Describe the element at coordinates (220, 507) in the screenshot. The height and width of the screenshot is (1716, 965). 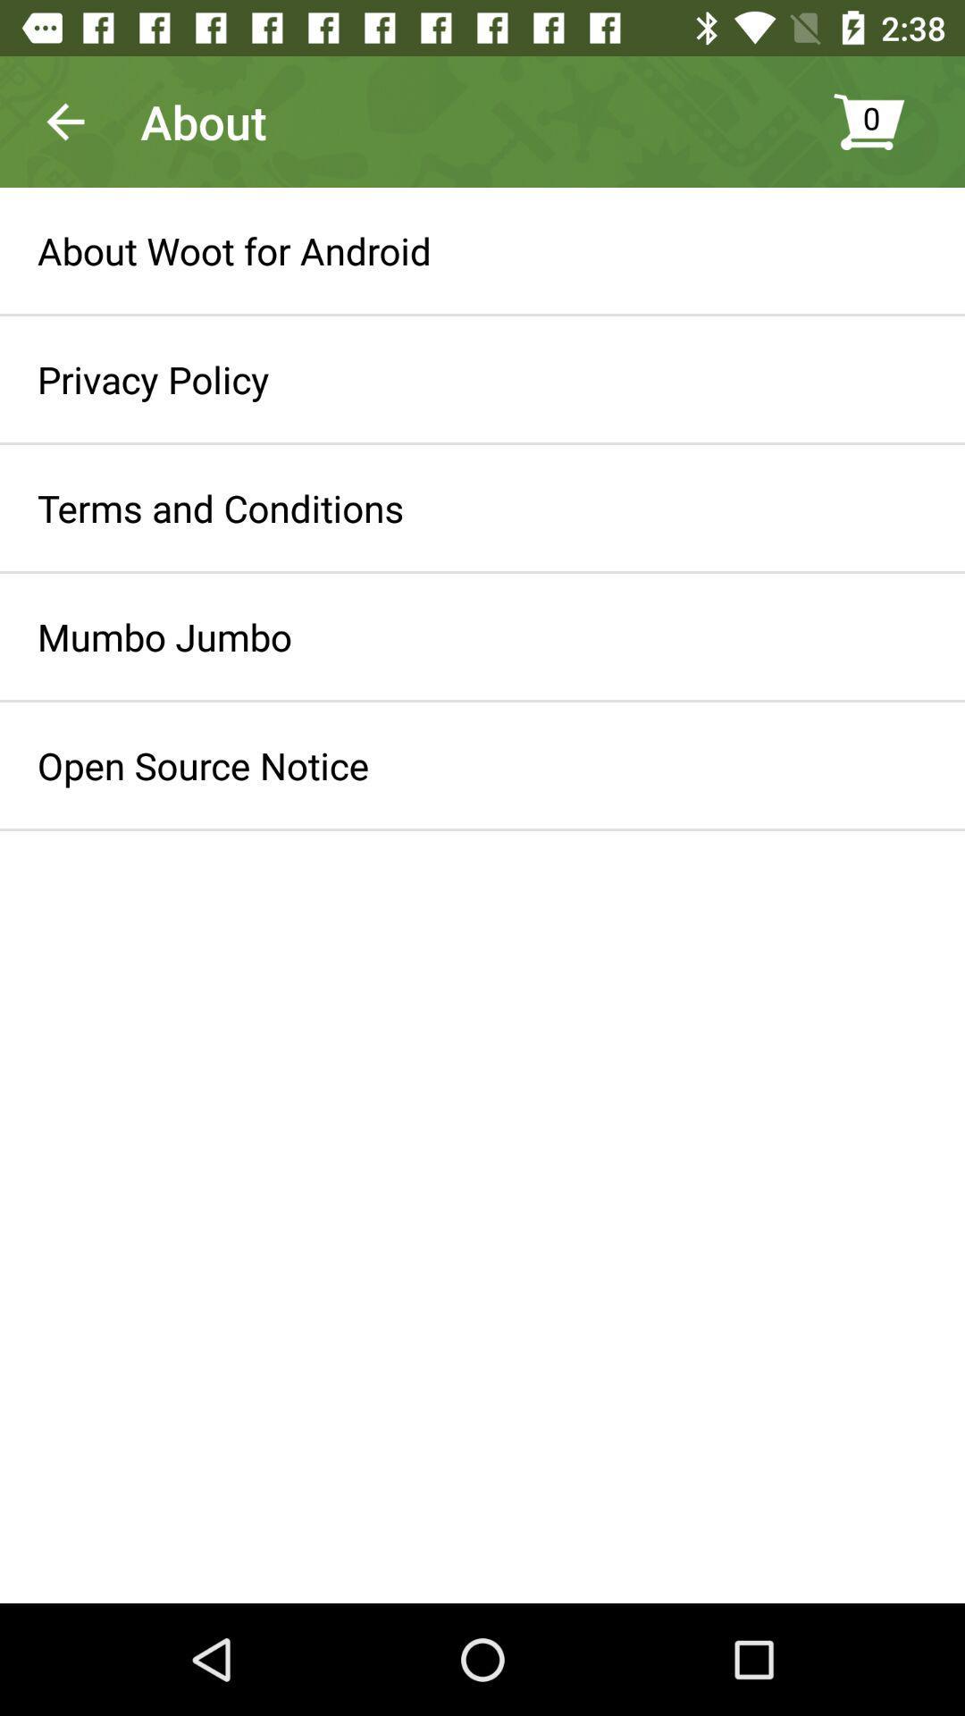
I see `terms and conditions item` at that location.